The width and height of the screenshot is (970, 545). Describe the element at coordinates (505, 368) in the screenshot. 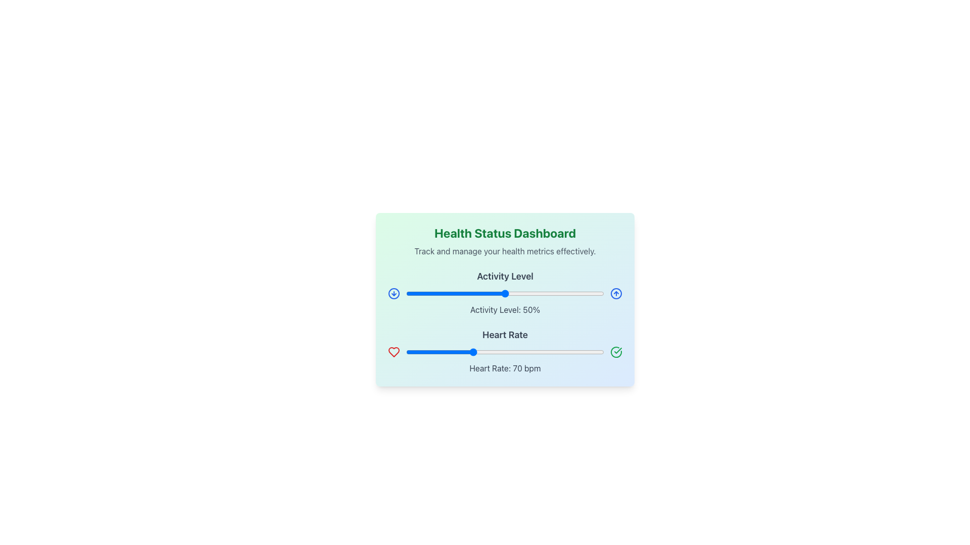

I see `the text label displaying 'Heart Rate: 70 bpm', which is located under the heart rate slider and icons in the dashboard` at that location.